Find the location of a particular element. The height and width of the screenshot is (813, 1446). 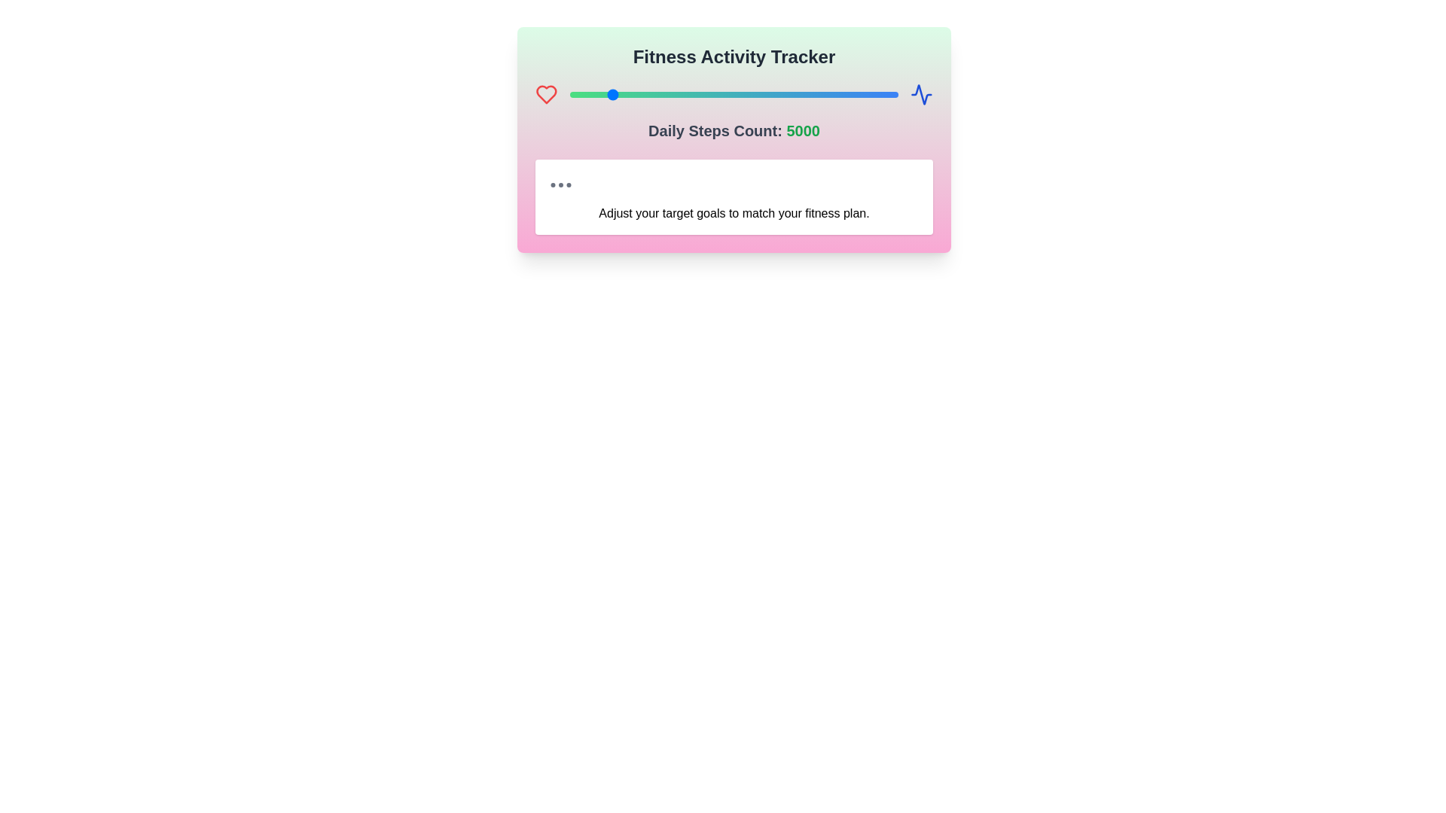

the steps count to 4624 using the slider is located at coordinates (600, 95).